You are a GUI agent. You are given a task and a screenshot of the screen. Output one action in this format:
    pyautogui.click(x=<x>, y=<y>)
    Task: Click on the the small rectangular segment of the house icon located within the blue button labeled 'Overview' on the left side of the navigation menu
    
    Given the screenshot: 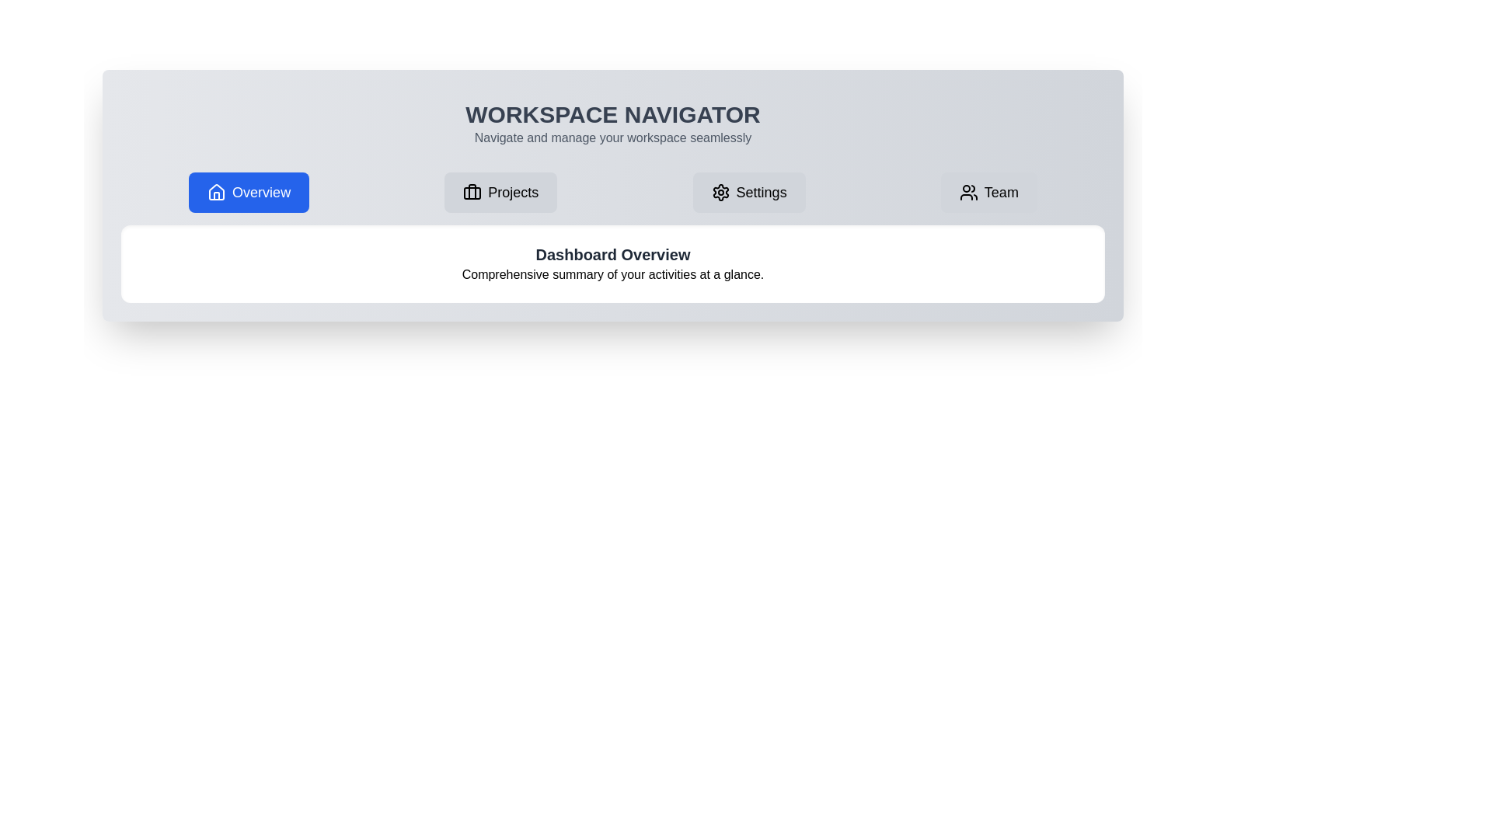 What is the action you would take?
    pyautogui.click(x=216, y=195)
    